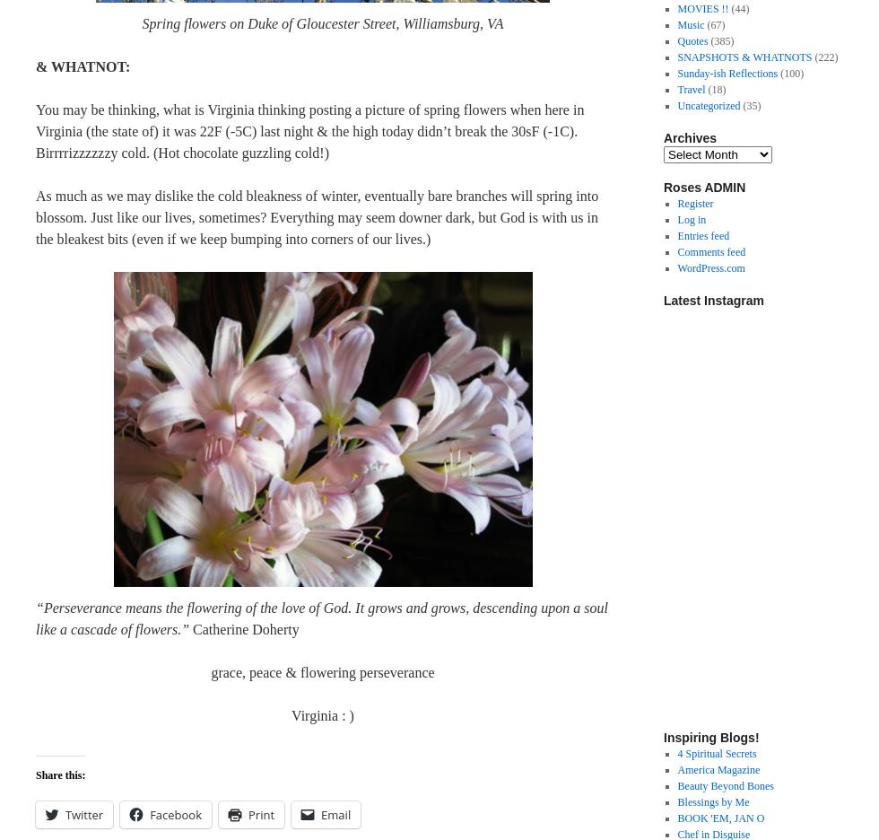 The width and height of the screenshot is (879, 840). I want to click on 'BOOK 'EM, JAN O', so click(720, 818).